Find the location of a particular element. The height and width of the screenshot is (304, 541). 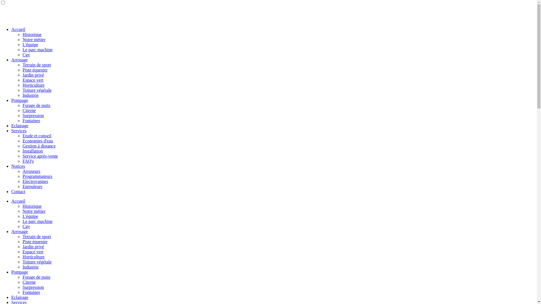

'Fontaines' is located at coordinates (31, 292).